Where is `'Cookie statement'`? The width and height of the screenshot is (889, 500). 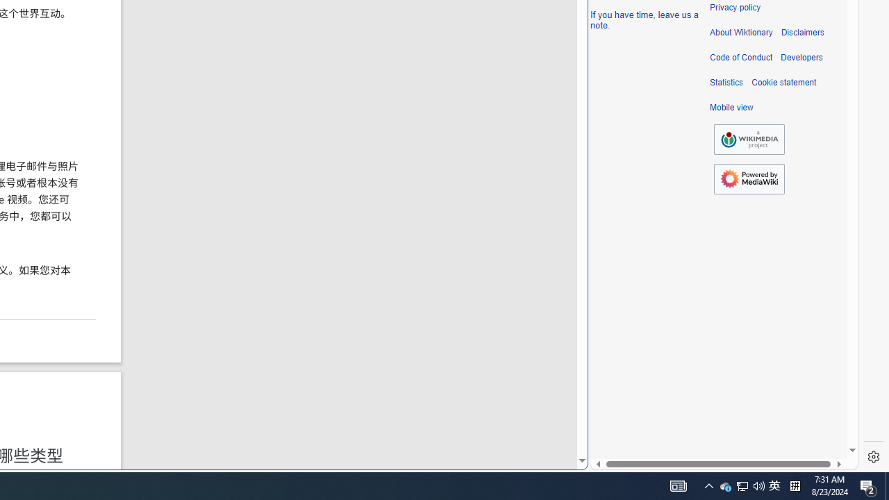
'Cookie statement' is located at coordinates (783, 83).